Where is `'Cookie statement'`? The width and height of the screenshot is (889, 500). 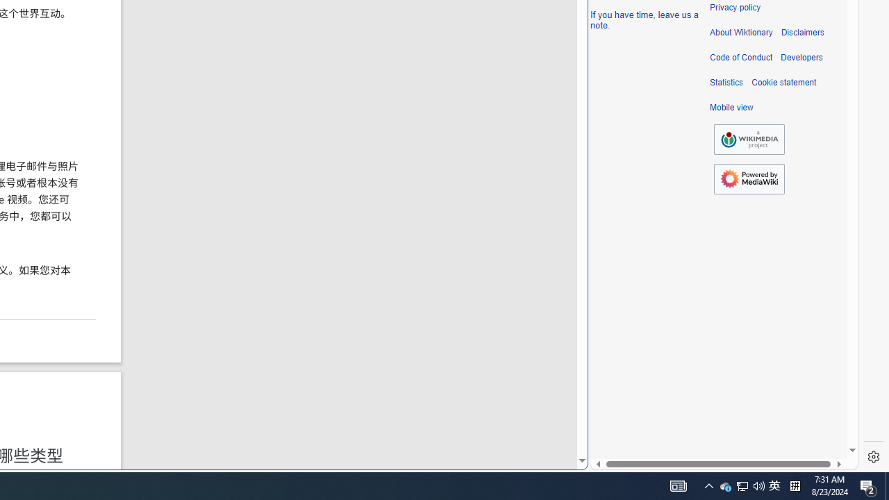
'Cookie statement' is located at coordinates (783, 83).